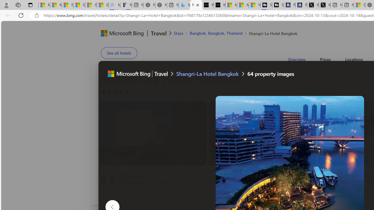 The image size is (374, 210). Describe the element at coordinates (103, 5) in the screenshot. I see `'Gilma and Hector both pose tropical trouble for Hawaii'` at that location.